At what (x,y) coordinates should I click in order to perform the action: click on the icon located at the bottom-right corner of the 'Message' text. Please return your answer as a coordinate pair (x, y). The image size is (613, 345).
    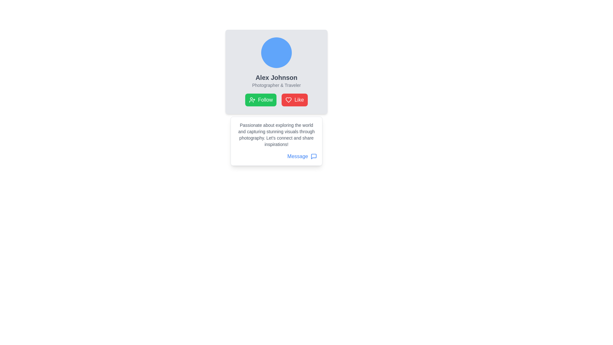
    Looking at the image, I should click on (314, 156).